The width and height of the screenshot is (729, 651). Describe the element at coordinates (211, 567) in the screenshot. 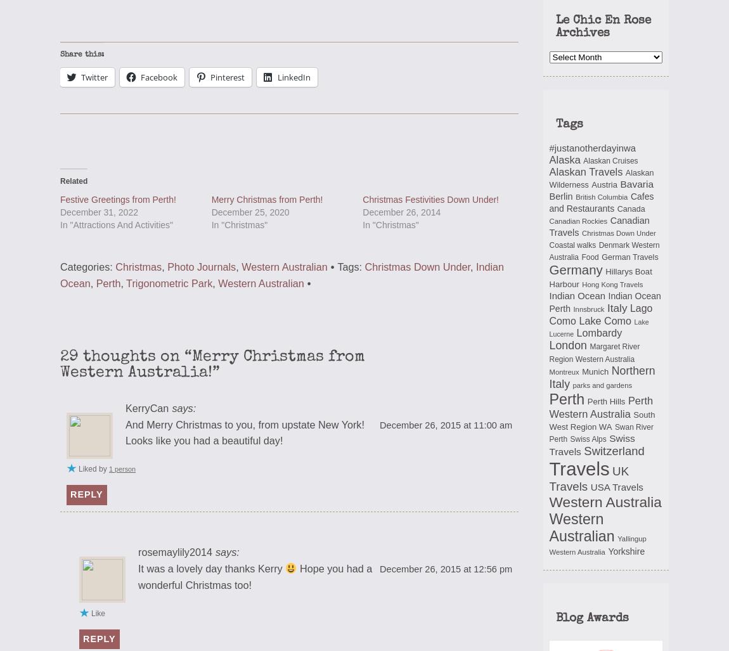

I see `'It was a lovely day thanks Kerry'` at that location.